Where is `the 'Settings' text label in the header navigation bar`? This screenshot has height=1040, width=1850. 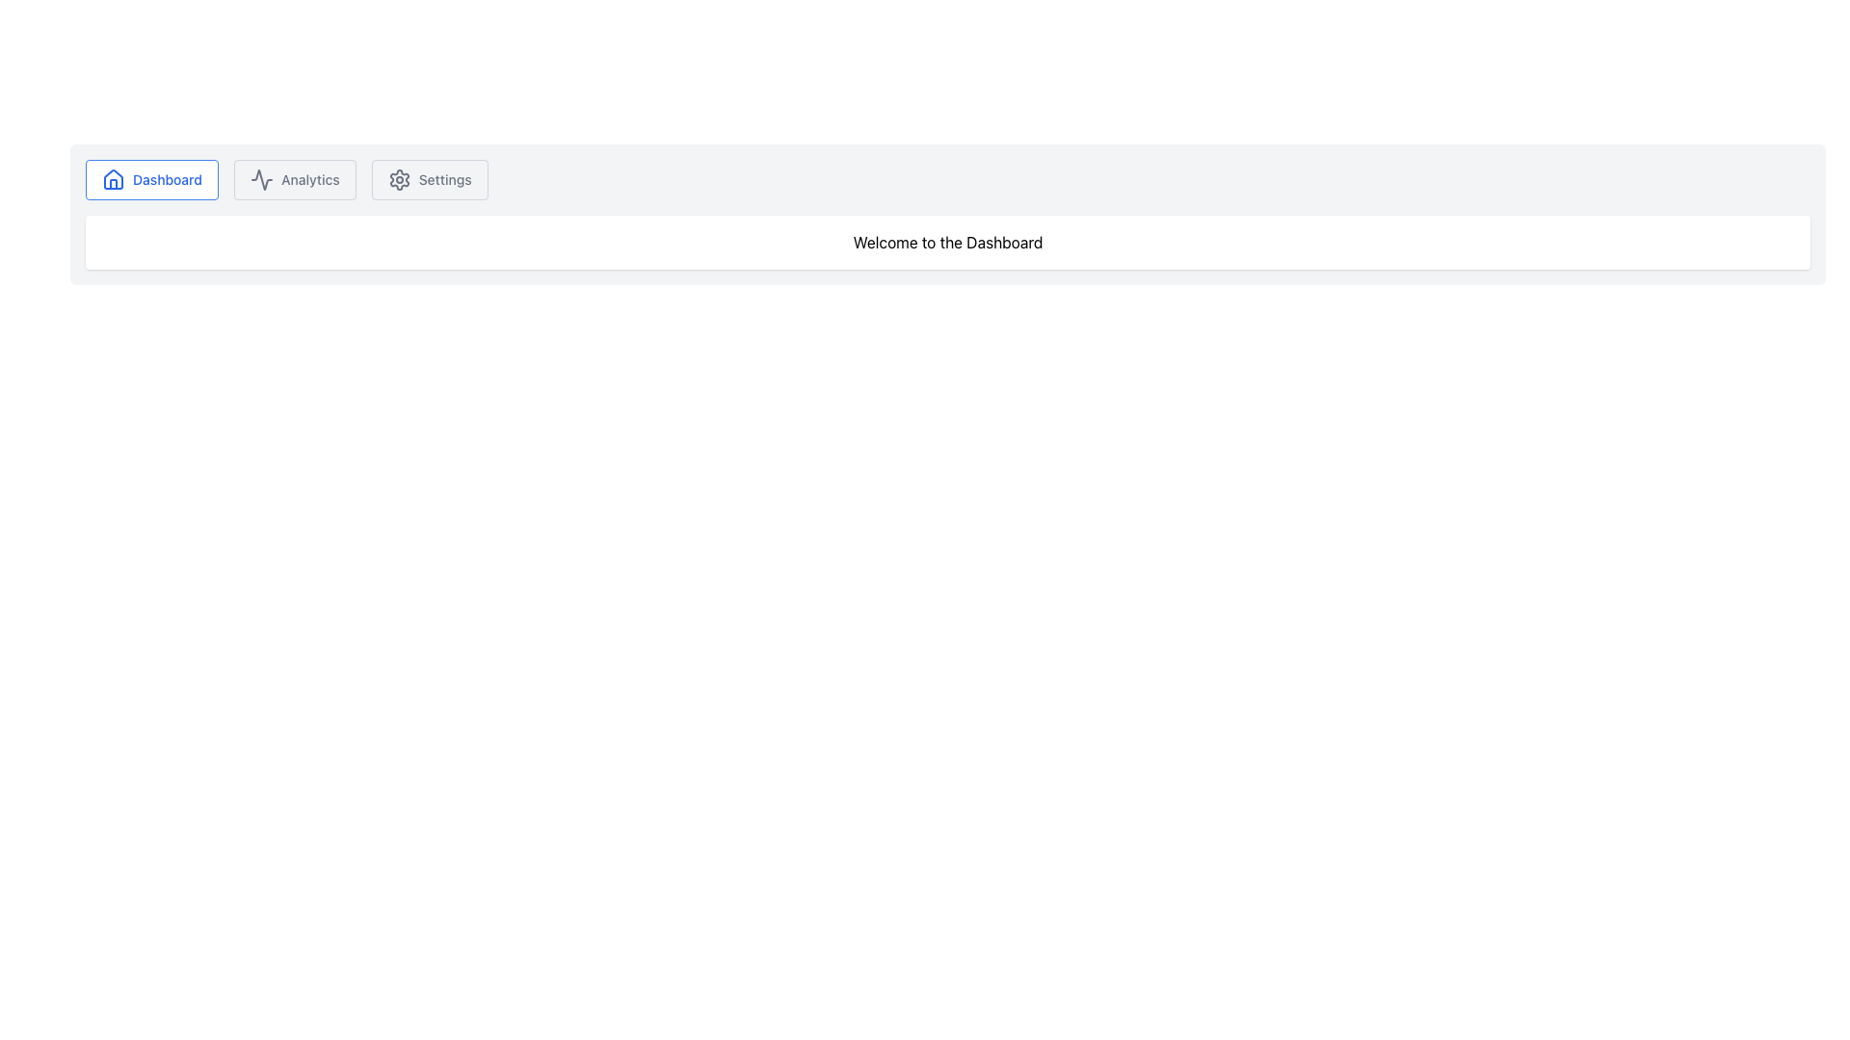
the 'Settings' text label in the header navigation bar is located at coordinates (444, 179).